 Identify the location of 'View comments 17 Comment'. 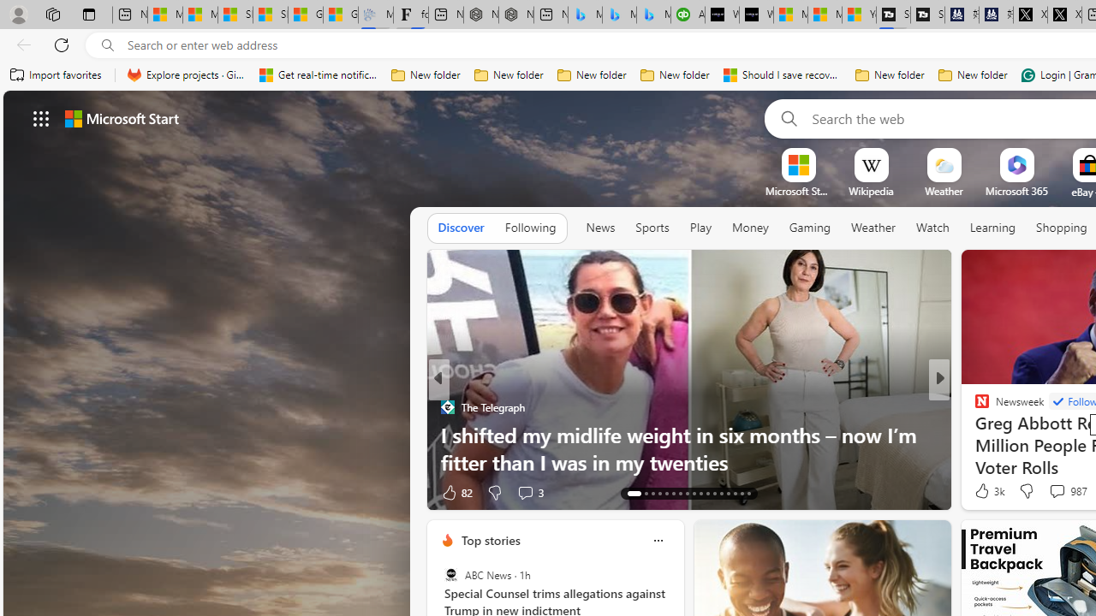
(1064, 492).